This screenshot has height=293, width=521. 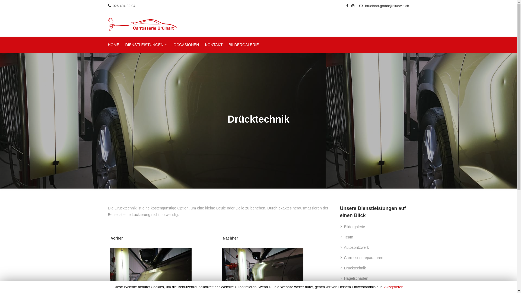 I want to click on 'Hagelschaden', so click(x=356, y=278).